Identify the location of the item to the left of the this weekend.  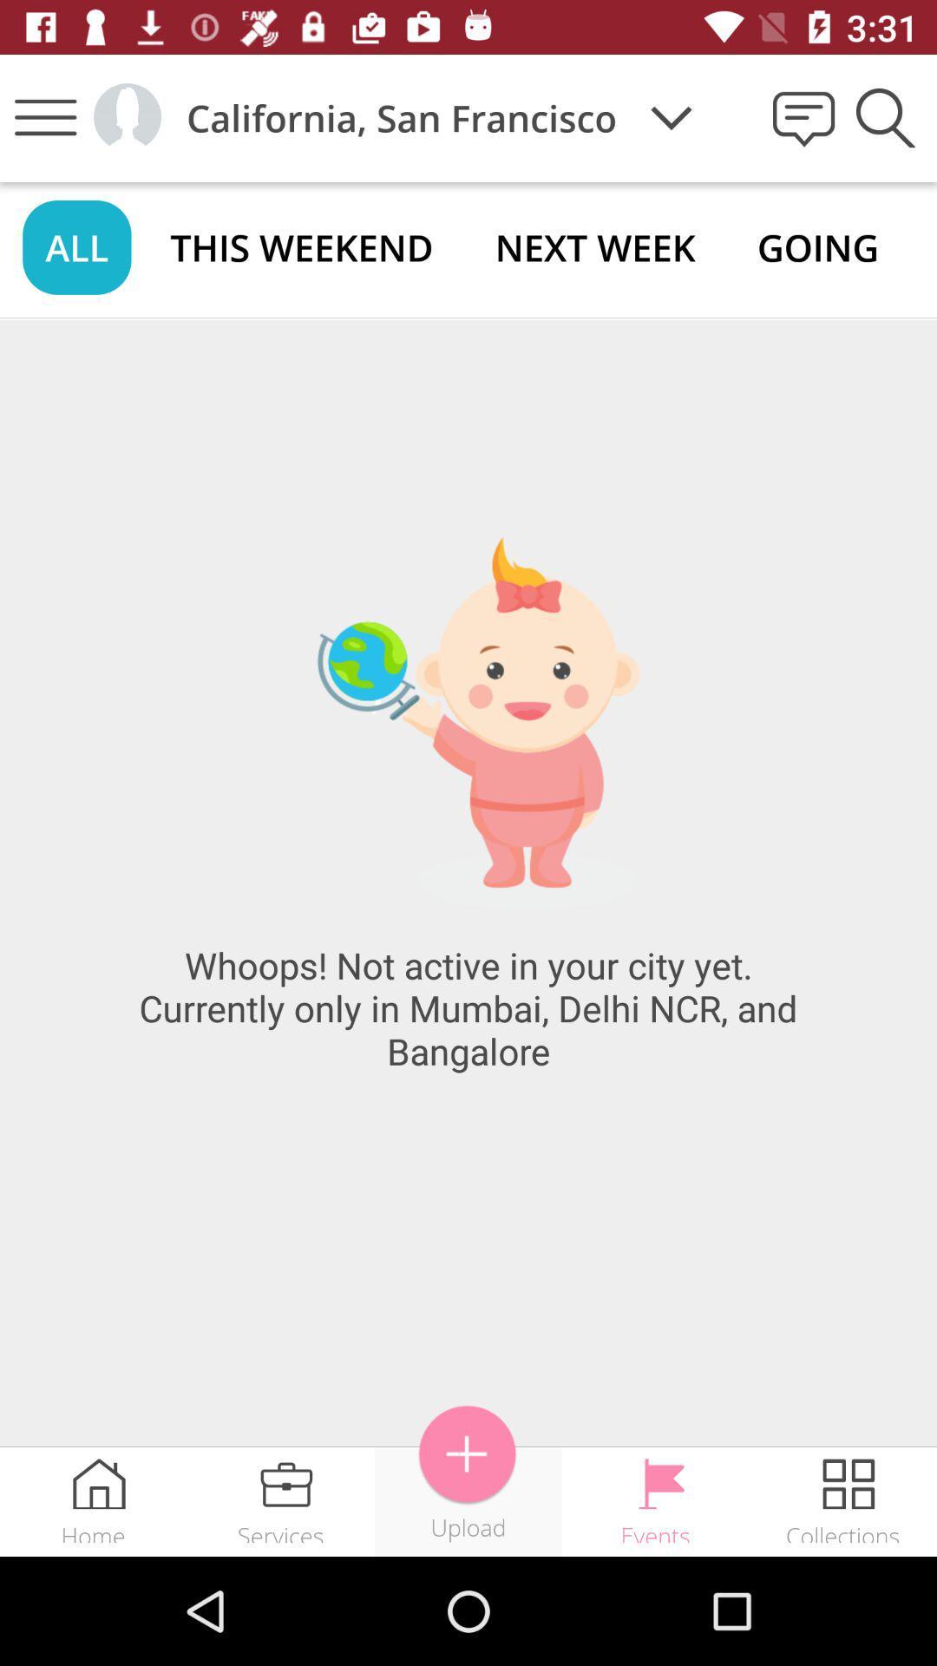
(75, 246).